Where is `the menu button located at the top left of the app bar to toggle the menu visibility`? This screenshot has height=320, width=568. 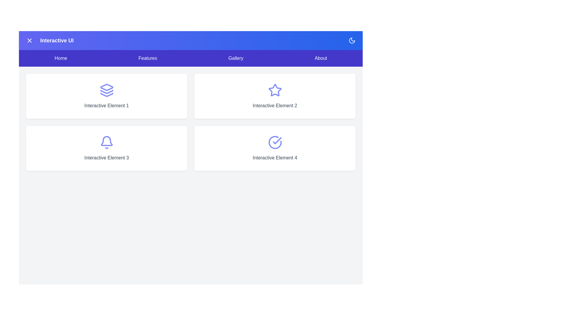 the menu button located at the top left of the app bar to toggle the menu visibility is located at coordinates (29, 40).